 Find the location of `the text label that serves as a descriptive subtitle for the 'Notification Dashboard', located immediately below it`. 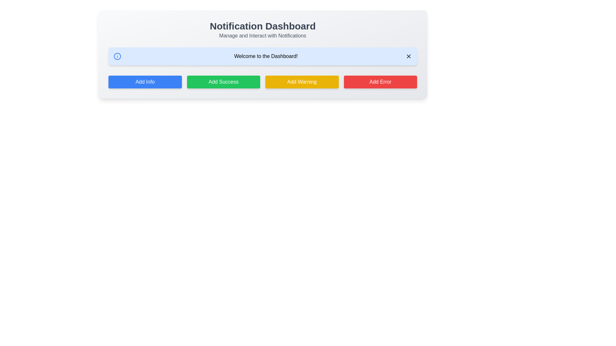

the text label that serves as a descriptive subtitle for the 'Notification Dashboard', located immediately below it is located at coordinates (263, 36).